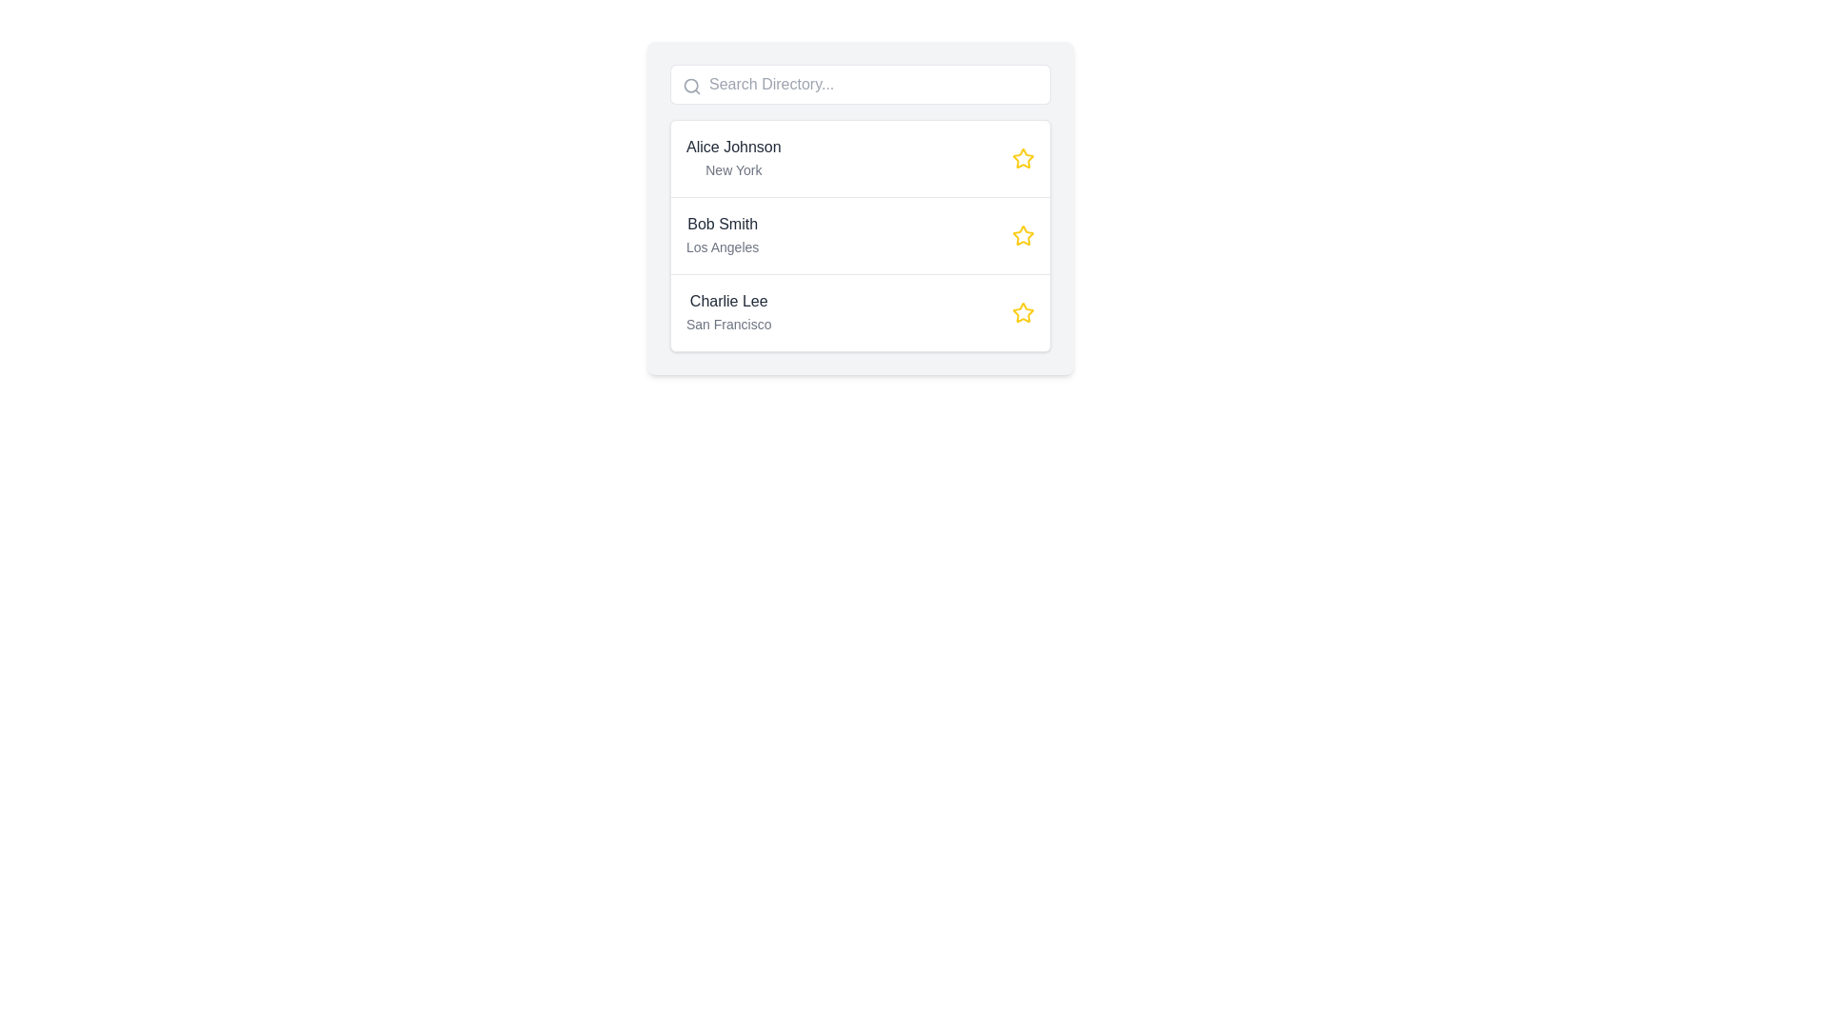  Describe the element at coordinates (859, 157) in the screenshot. I see `the first list item entry for 'Alice Johnson' located at the top of the directory listing` at that location.